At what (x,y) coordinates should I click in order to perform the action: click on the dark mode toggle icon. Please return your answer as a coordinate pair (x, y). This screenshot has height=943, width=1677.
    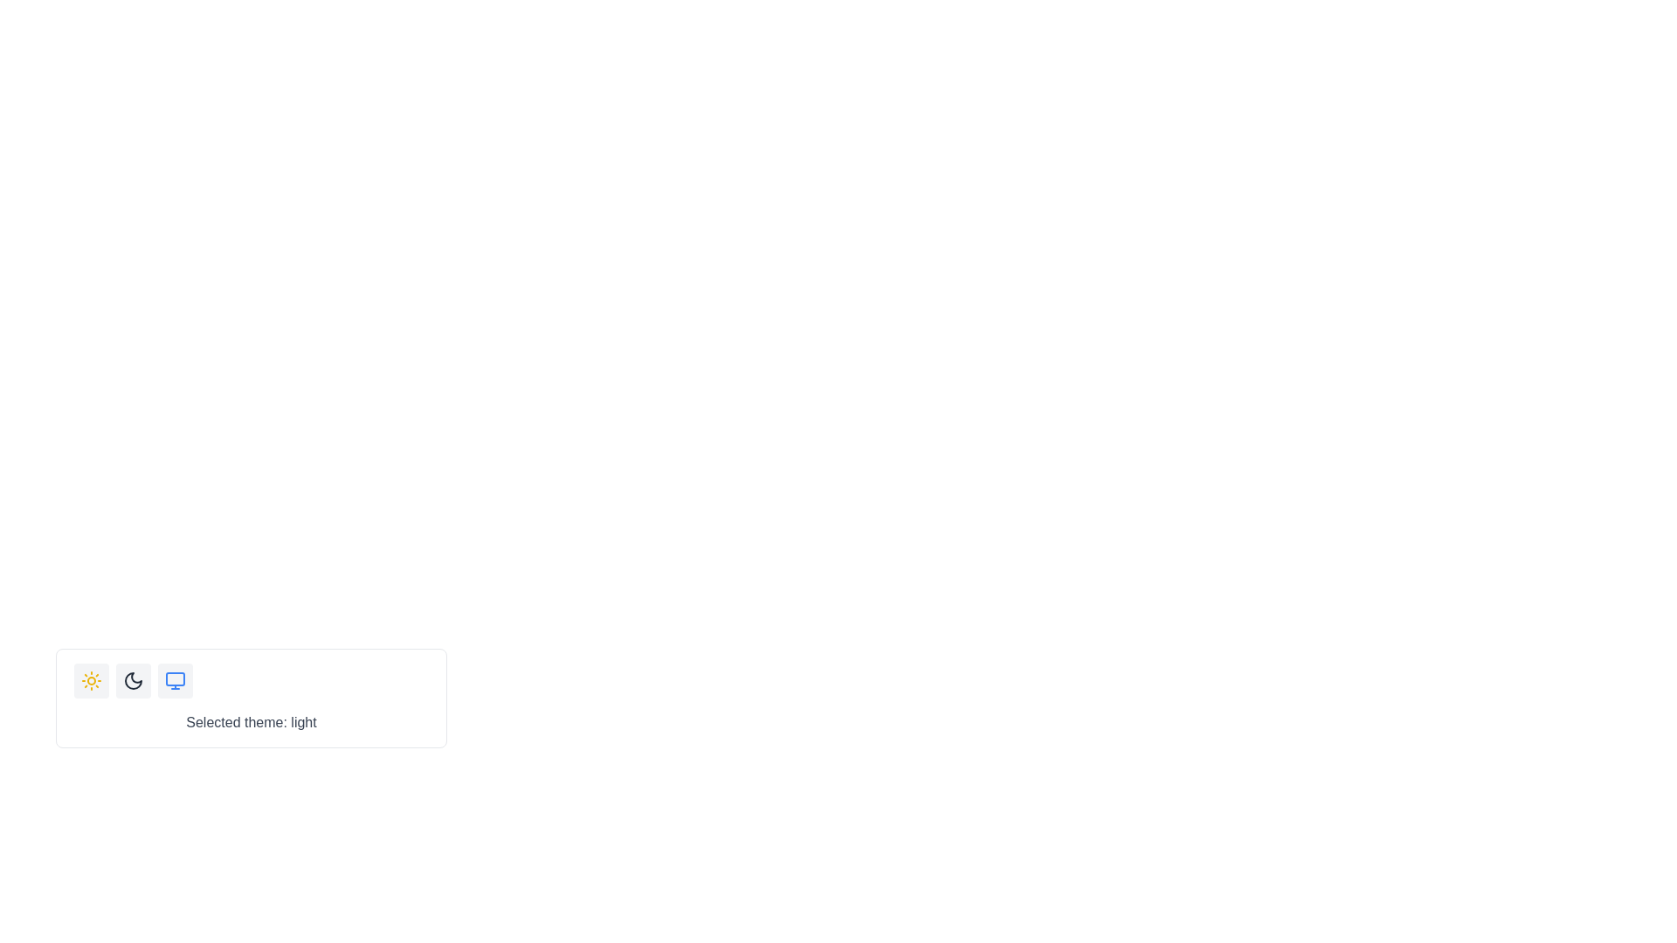
    Looking at the image, I should click on (133, 679).